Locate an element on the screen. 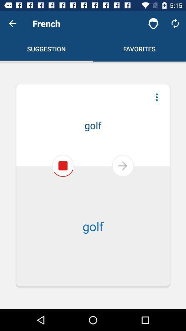 The height and width of the screenshot is (331, 186). the option below favorites is located at coordinates (157, 97).